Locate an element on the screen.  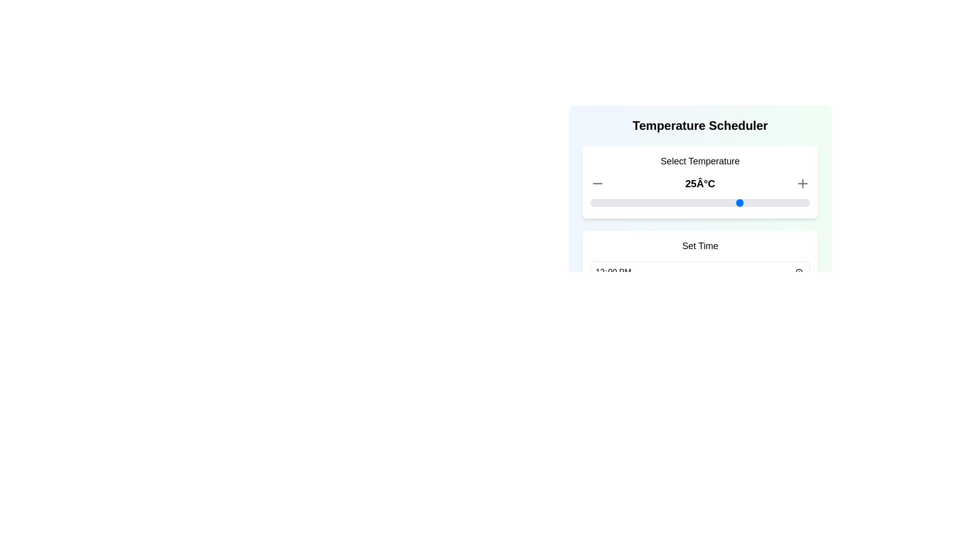
numeric value displayed in the bold text field showing '25Â°C', which is centered between the minus and plus icons in the temperature selection widget is located at coordinates (699, 184).